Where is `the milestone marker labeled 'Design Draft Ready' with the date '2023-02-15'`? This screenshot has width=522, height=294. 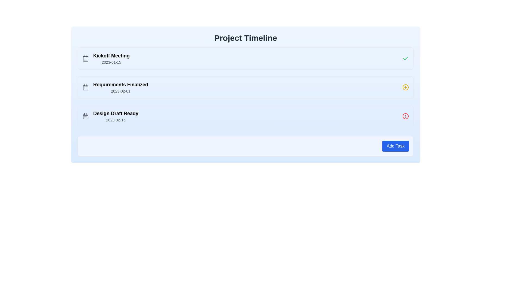 the milestone marker labeled 'Design Draft Ready' with the date '2023-02-15' is located at coordinates (245, 116).